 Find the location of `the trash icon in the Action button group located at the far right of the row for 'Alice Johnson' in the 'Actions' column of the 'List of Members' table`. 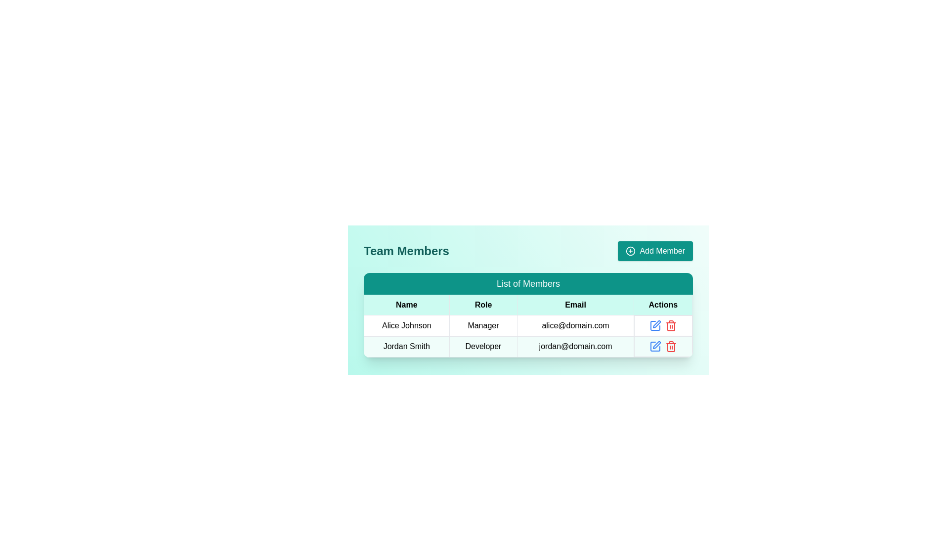

the trash icon in the Action button group located at the far right of the row for 'Alice Johnson' in the 'Actions' column of the 'List of Members' table is located at coordinates (663, 326).